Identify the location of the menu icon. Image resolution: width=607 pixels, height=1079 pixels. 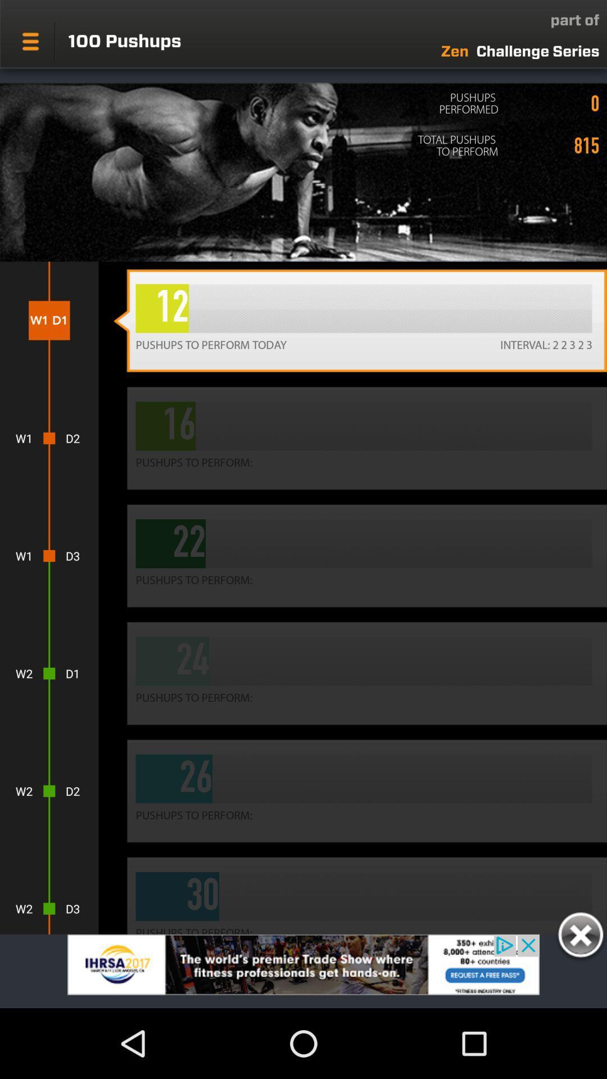
(30, 41).